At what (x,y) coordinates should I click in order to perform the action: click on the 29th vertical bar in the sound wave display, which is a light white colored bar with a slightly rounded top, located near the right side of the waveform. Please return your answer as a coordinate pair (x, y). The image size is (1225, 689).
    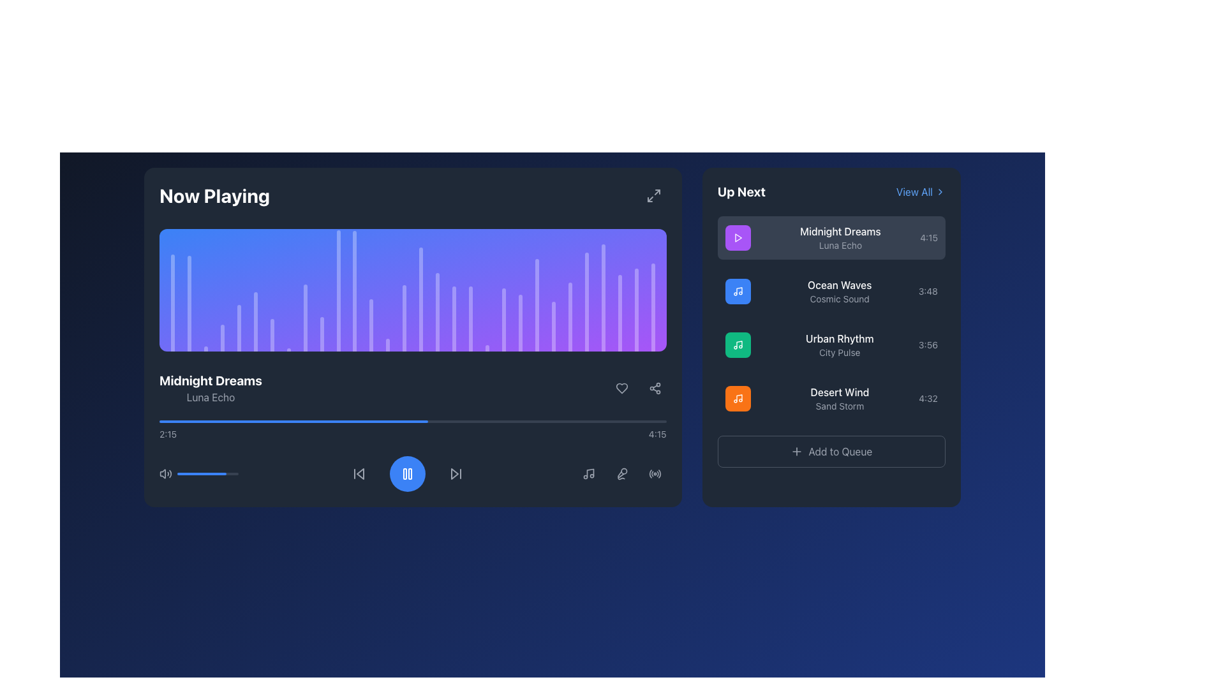
    Looking at the image, I should click on (636, 310).